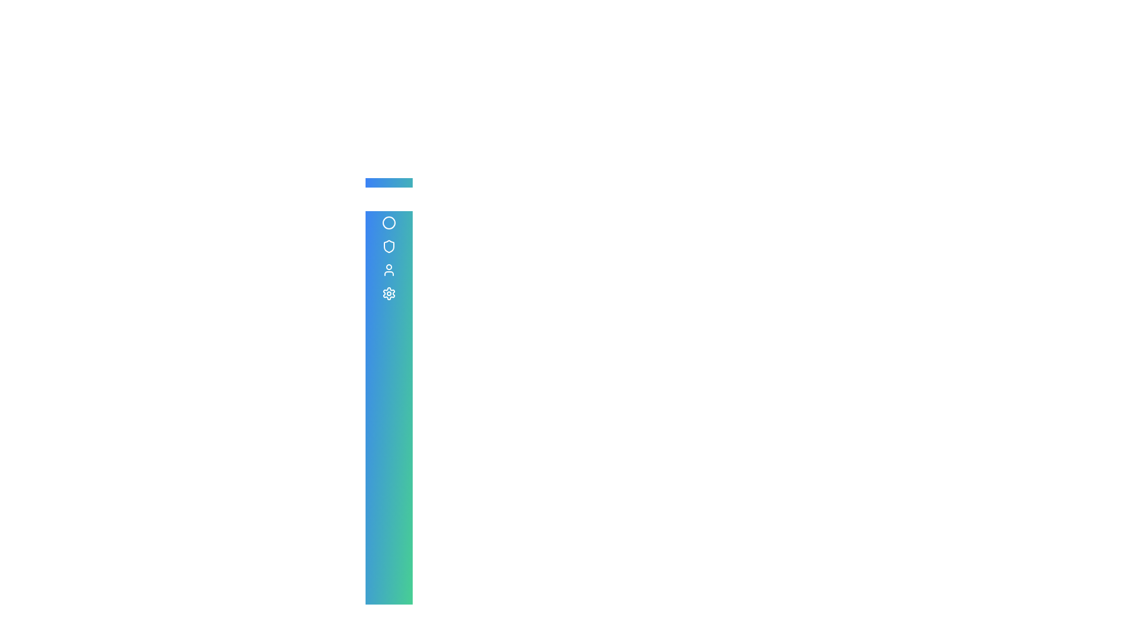 This screenshot has width=1132, height=637. I want to click on the fourth icon in the vertical row of the side menu bar, which represents the 'Settings' option, so click(389, 293).